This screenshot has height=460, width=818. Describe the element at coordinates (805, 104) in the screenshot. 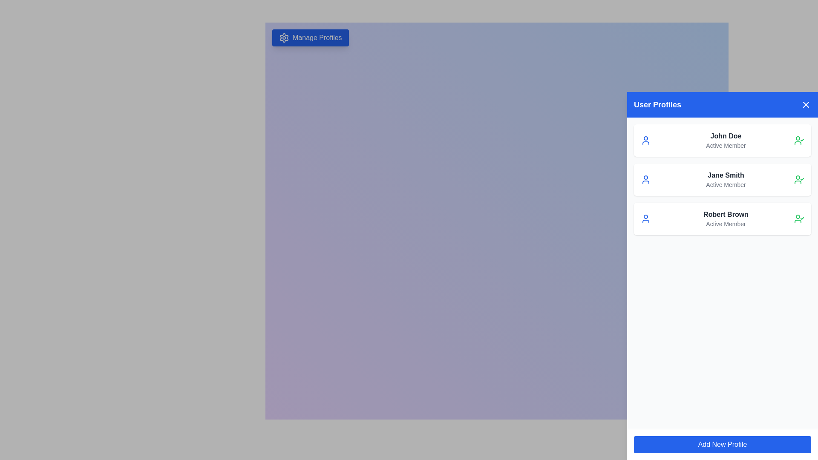

I see `the close button icon located at the top right corner of the 'User Profiles' panel, which is implemented as an SVG element` at that location.